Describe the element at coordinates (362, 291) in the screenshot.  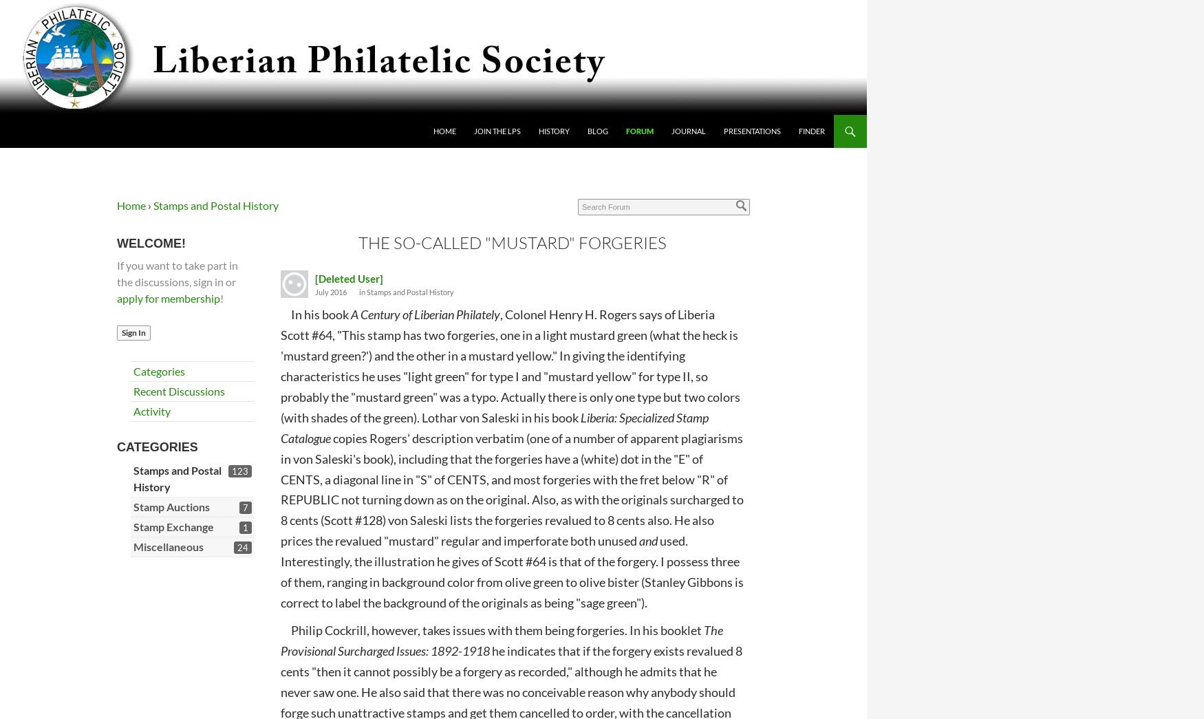
I see `'in'` at that location.